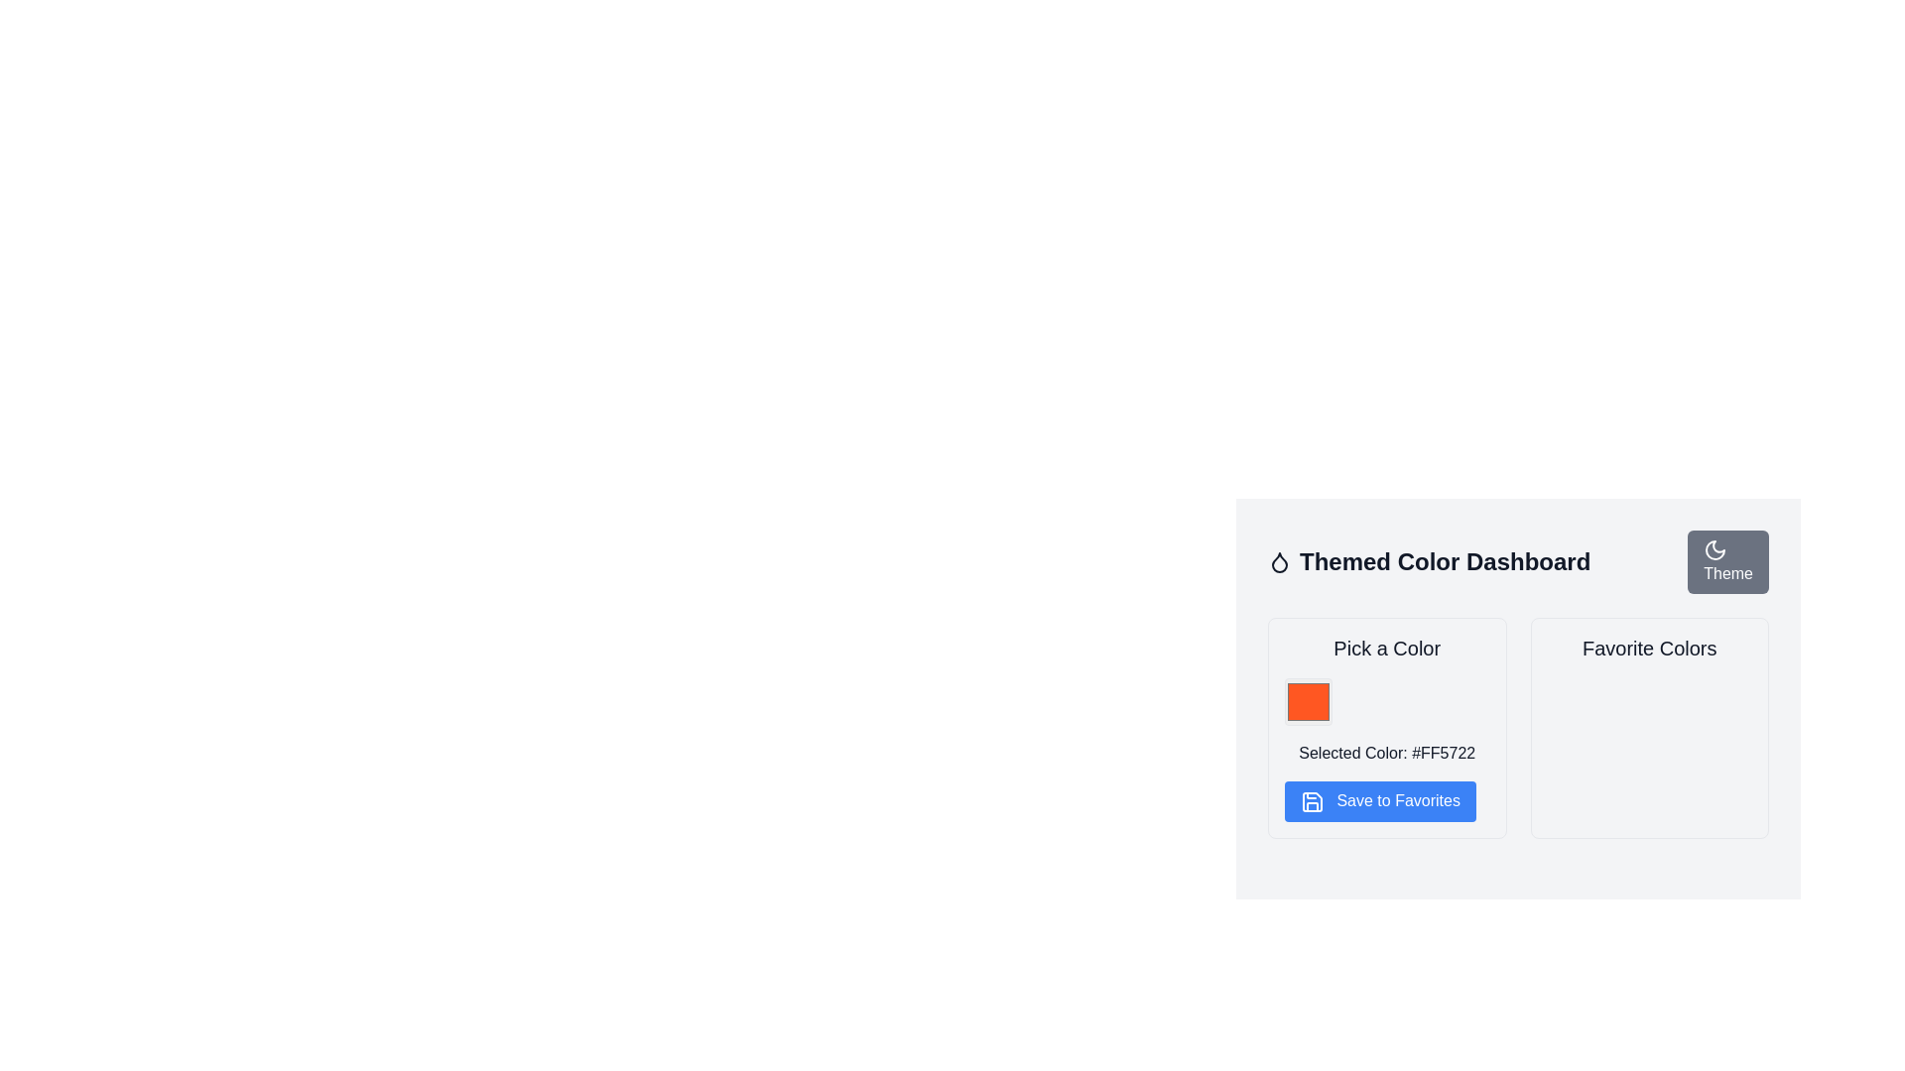 This screenshot has width=1905, height=1071. I want to click on the graphical save icon within the 'Save to Favorites' button by clicking it, so click(1313, 799).